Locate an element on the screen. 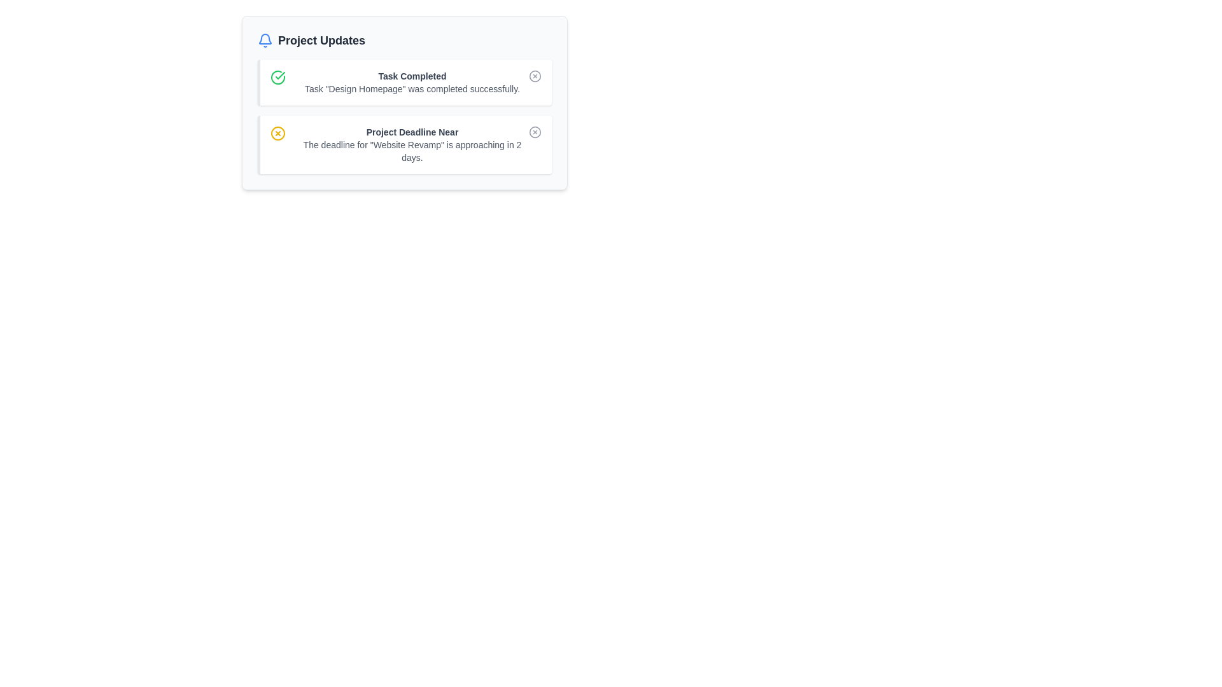 This screenshot has width=1222, height=687. the central circular component with a yellow border, part of the 'Project Deadline Near' notification icon located in the bottom-right corner of the interactive card is located at coordinates (277, 133).